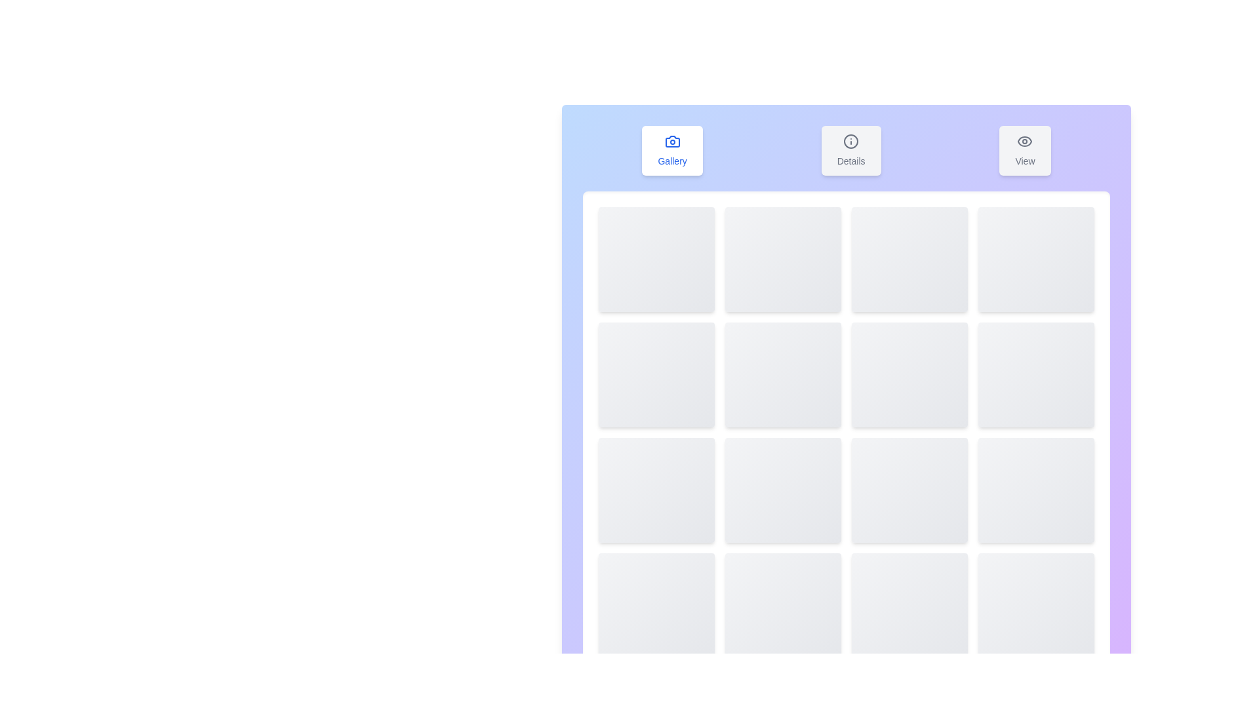 This screenshot has width=1259, height=708. I want to click on the Gallery tab by clicking on its button, so click(672, 150).